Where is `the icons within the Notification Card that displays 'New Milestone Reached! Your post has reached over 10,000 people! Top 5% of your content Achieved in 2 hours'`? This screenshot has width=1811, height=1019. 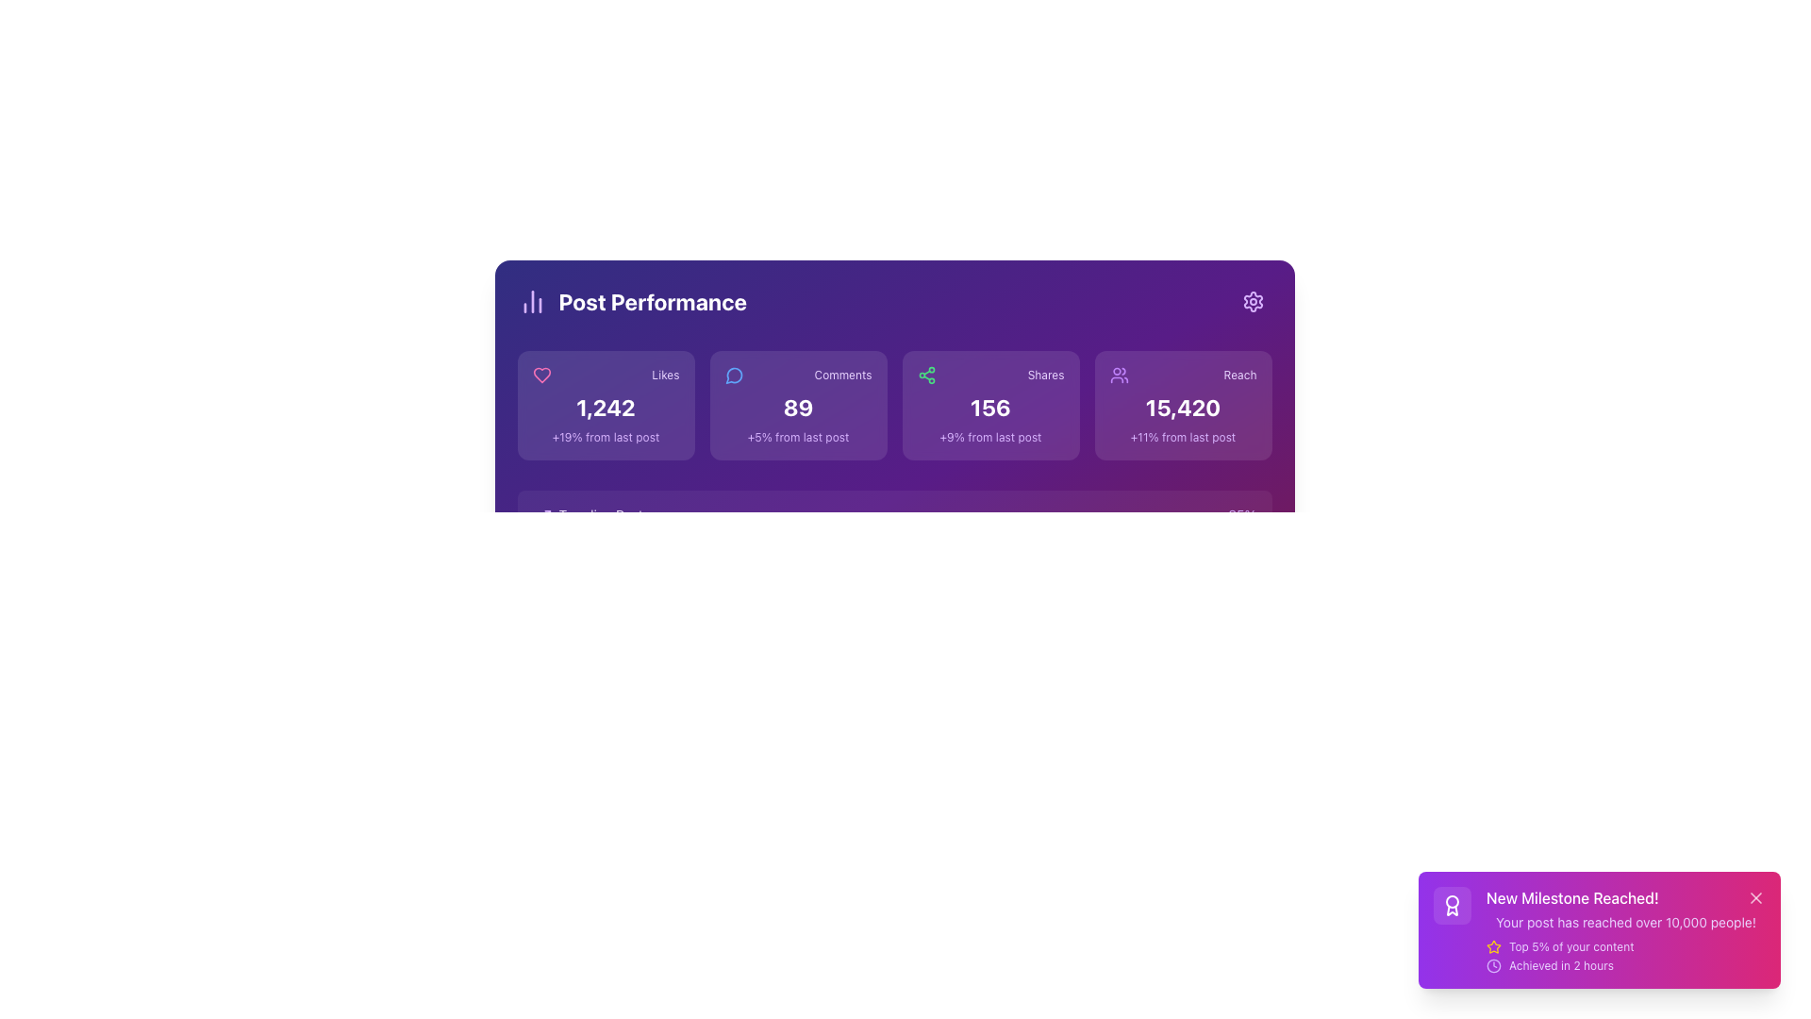 the icons within the Notification Card that displays 'New Milestone Reached! Your post has reached over 10,000 people! Top 5% of your content Achieved in 2 hours' is located at coordinates (1624, 929).